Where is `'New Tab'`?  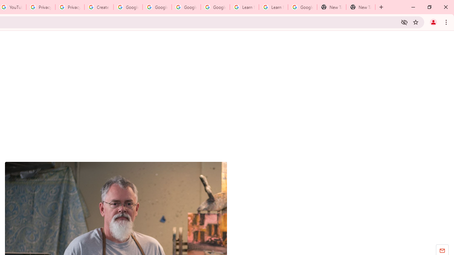
'New Tab' is located at coordinates (331, 7).